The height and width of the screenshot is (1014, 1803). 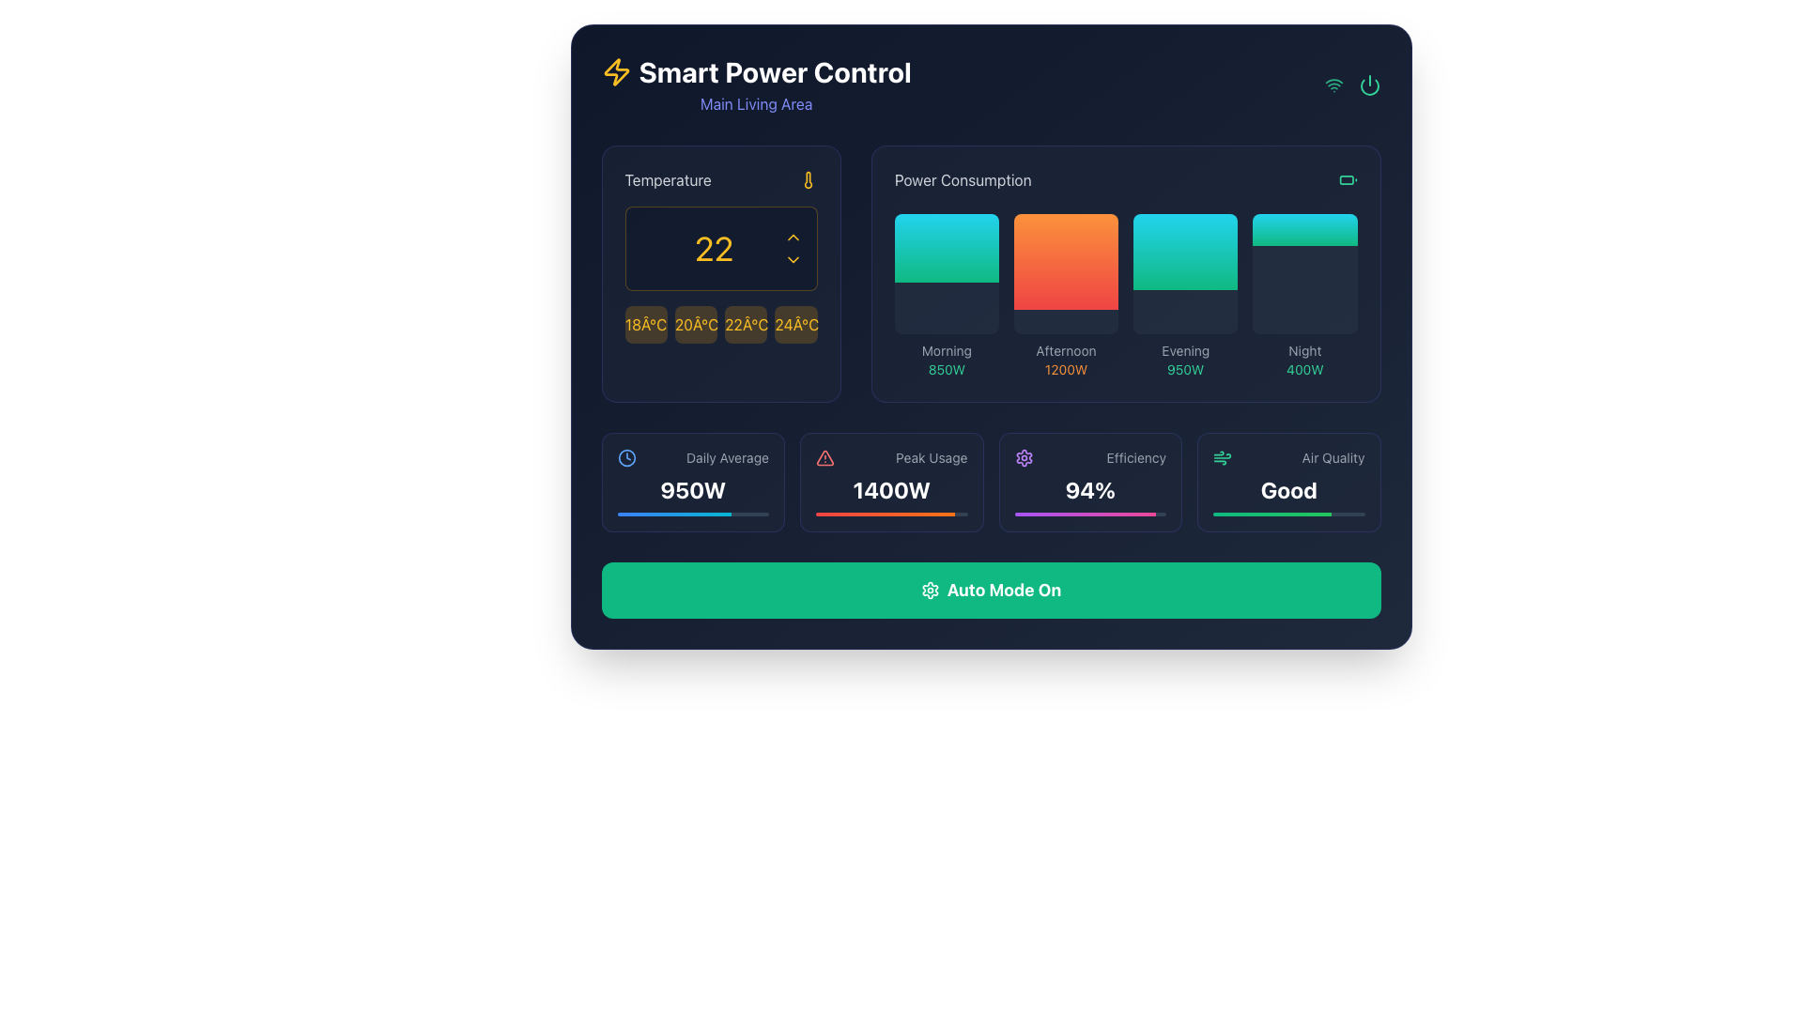 What do you see at coordinates (1066, 262) in the screenshot?
I see `the graphical bar component representing energy consumption data for the 'Afternoon' period, located in the 'Power Consumption' section, to the right of the 'Morning' block and left of the 'Evening' block` at bounding box center [1066, 262].